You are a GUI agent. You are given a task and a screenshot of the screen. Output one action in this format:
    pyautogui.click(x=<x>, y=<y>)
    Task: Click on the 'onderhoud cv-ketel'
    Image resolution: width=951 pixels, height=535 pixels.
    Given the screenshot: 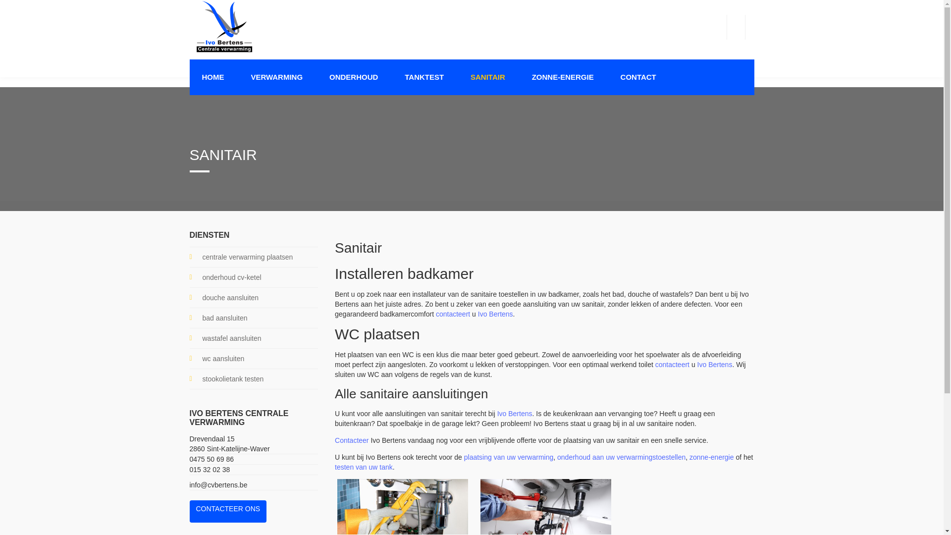 What is the action you would take?
    pyautogui.click(x=253, y=277)
    